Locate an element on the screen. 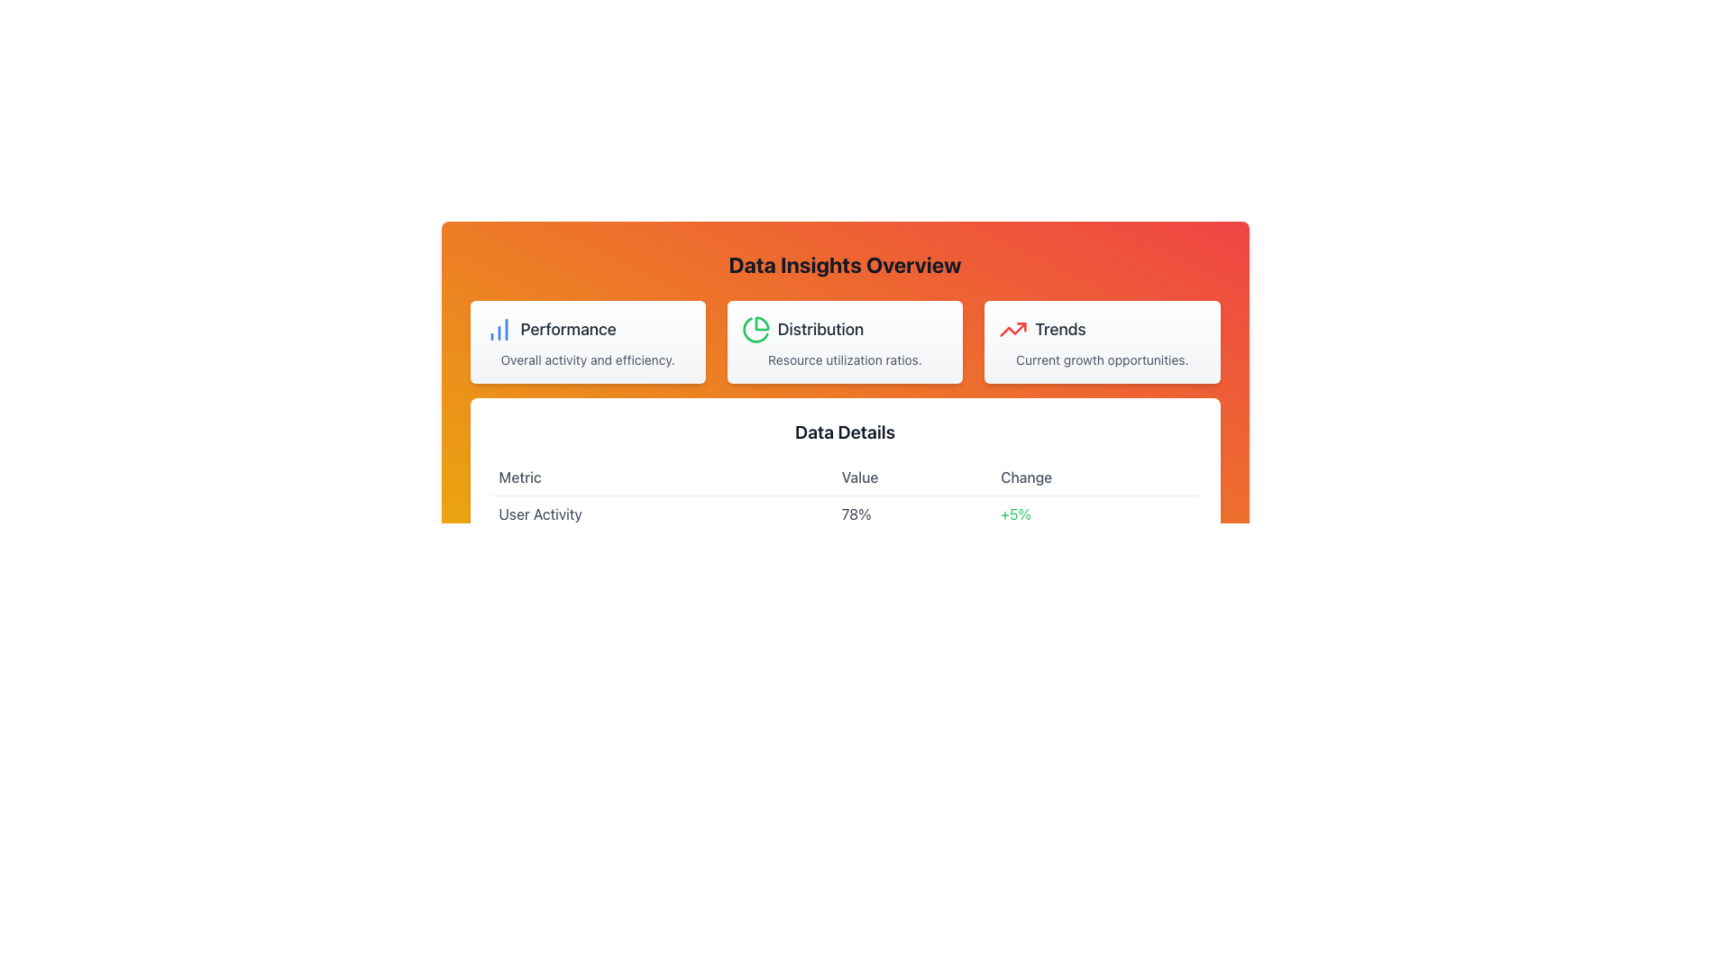 The width and height of the screenshot is (1731, 973). the title label that summarizes the content of the data insights overview section, positioned centrally at the top of the highlighted orange section is located at coordinates (844, 264).